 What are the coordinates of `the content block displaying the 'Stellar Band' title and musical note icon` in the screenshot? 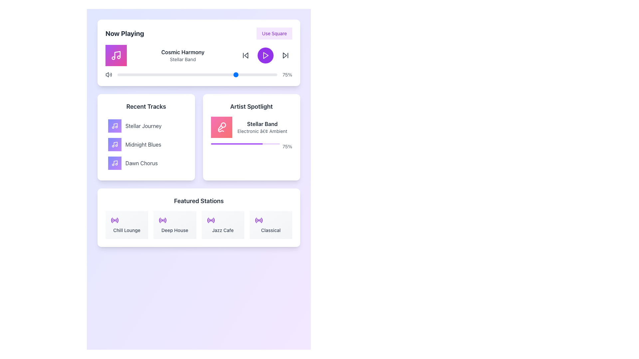 It's located at (251, 127).